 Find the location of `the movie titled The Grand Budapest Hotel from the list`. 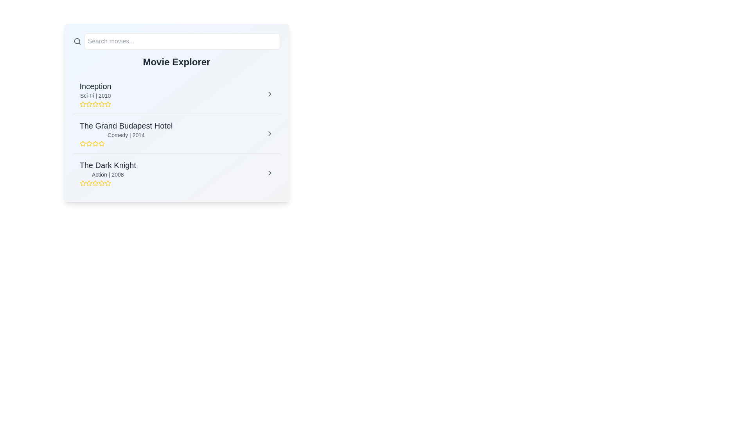

the movie titled The Grand Budapest Hotel from the list is located at coordinates (269, 133).